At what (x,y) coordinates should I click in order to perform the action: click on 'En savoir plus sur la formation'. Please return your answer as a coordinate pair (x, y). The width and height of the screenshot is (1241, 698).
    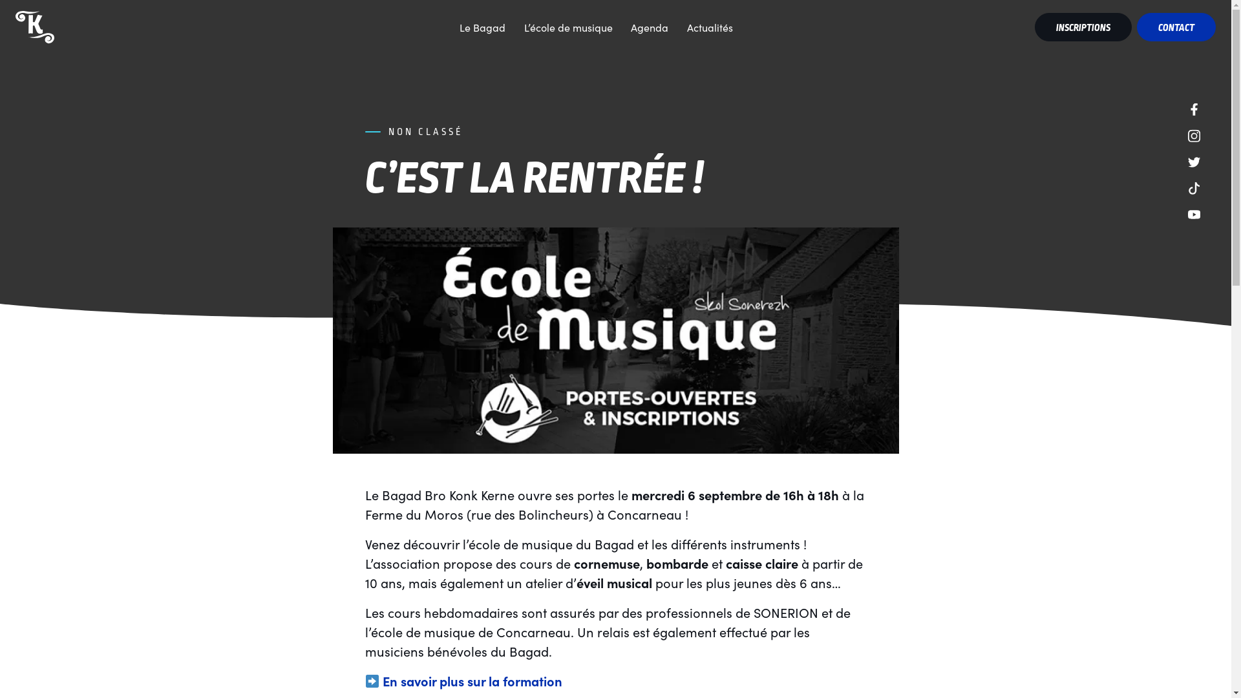
    Looking at the image, I should click on (471, 680).